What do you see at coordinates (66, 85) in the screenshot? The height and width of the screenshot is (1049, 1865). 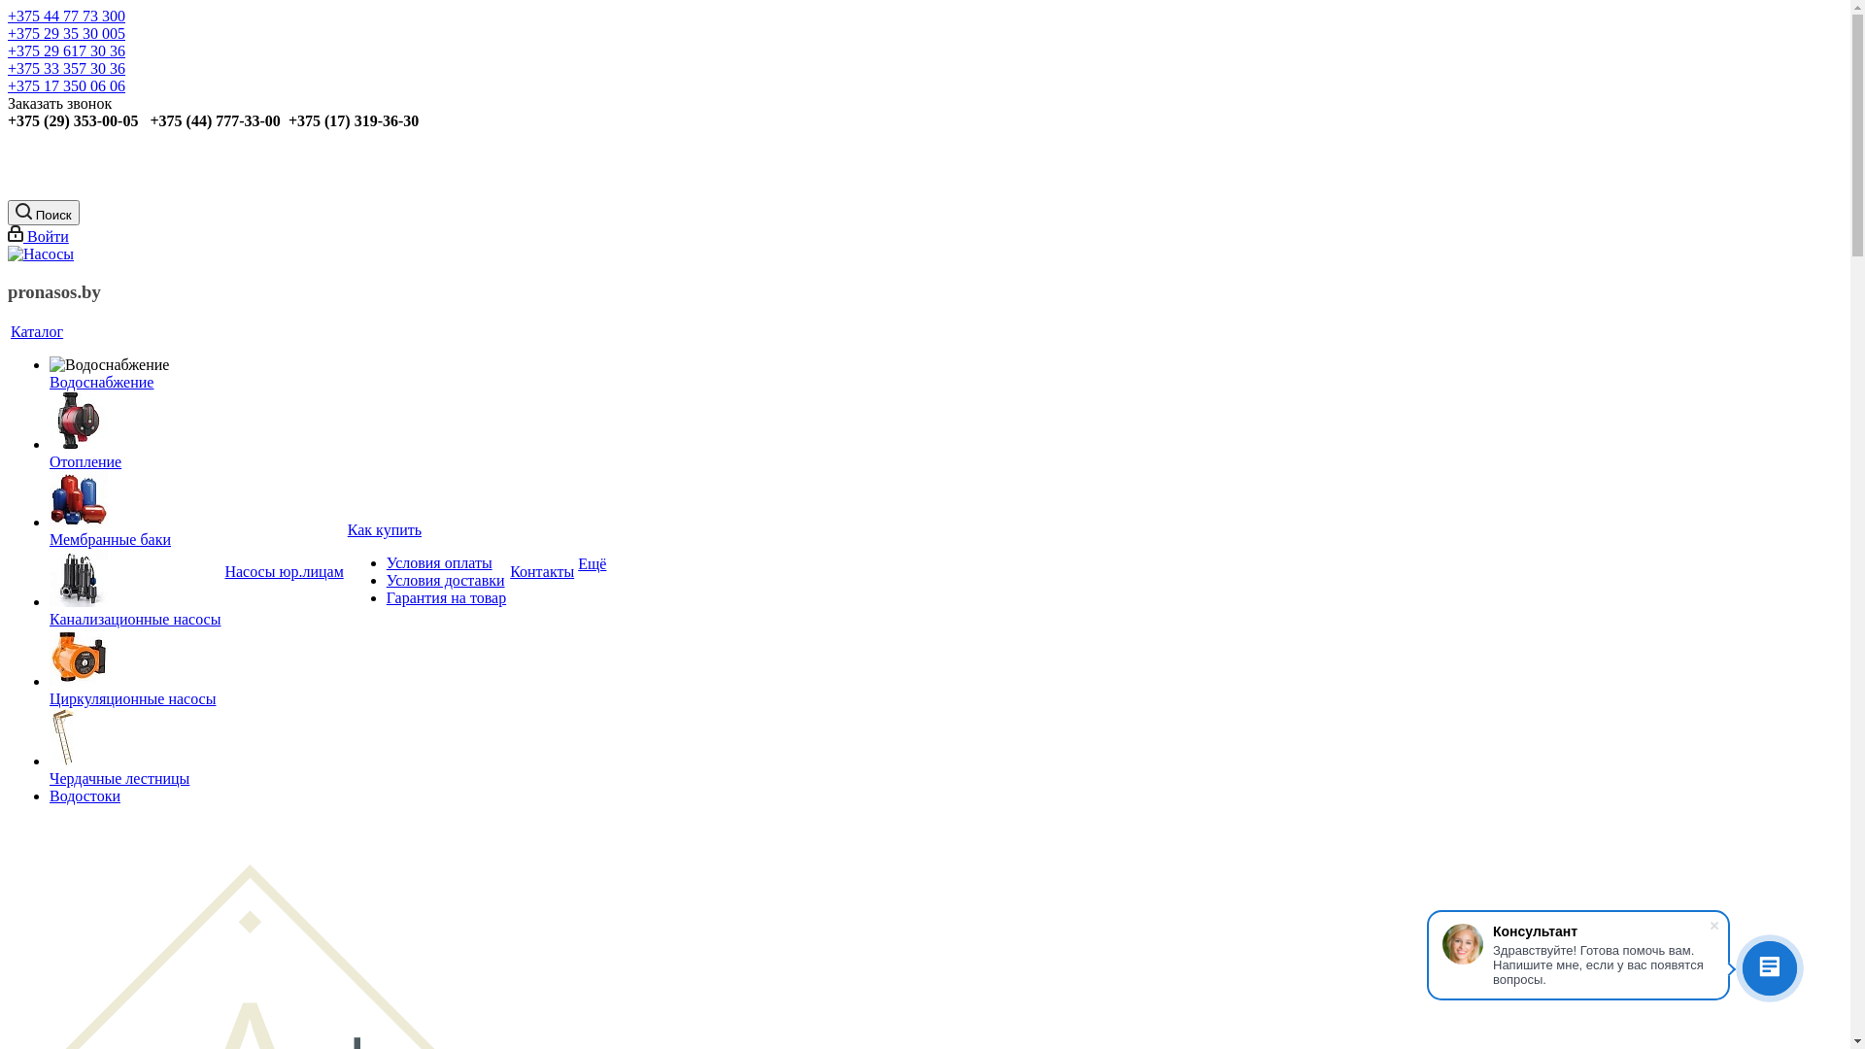 I see `'+375 17 350 06 06'` at bounding box center [66, 85].